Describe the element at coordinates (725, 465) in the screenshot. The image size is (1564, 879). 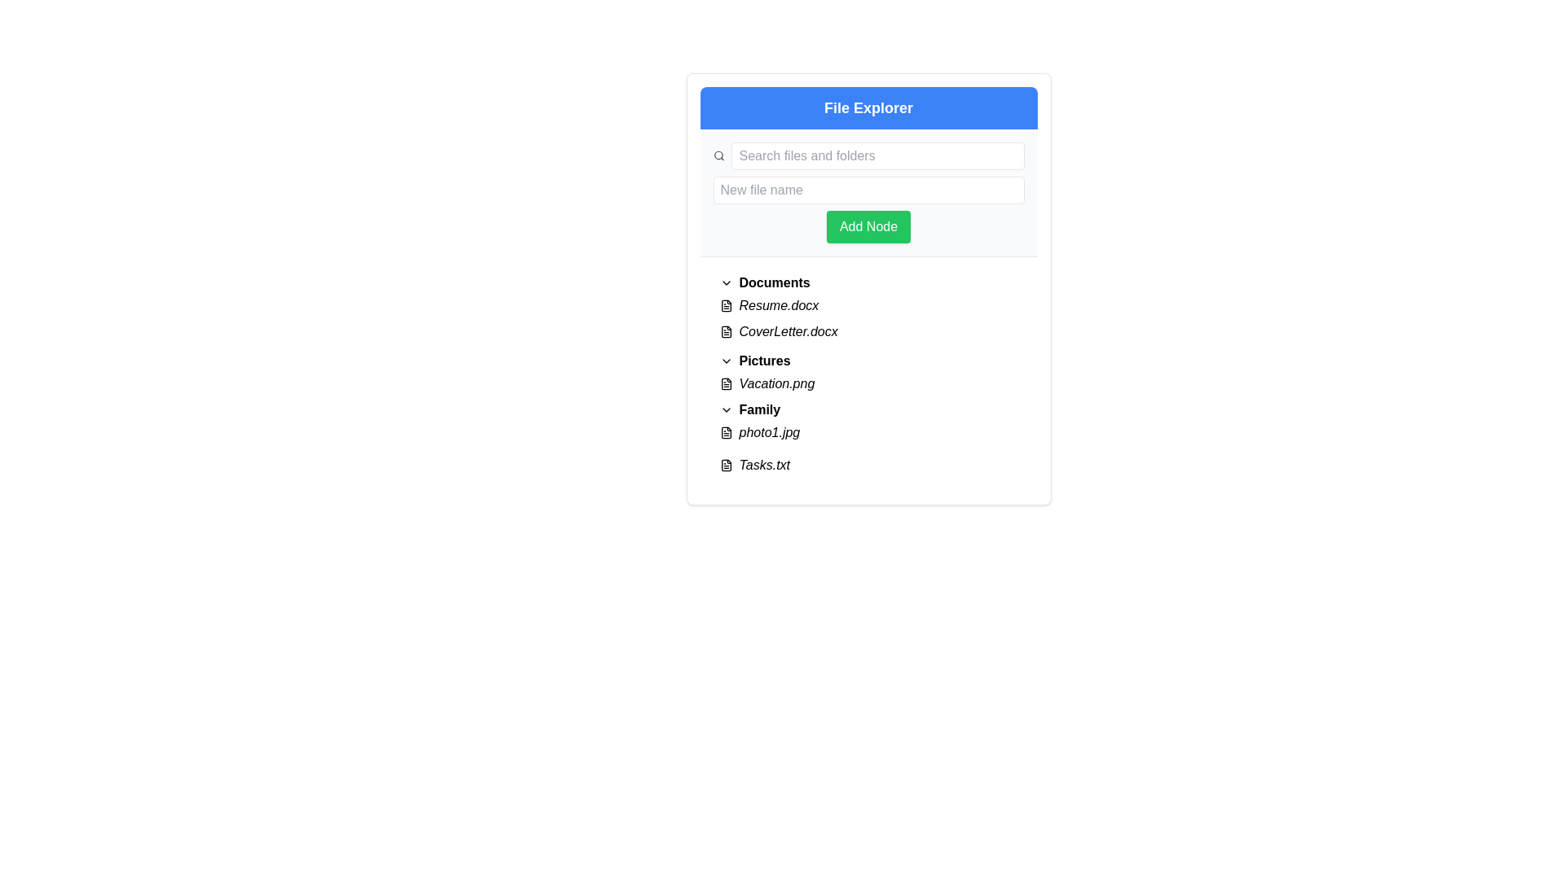
I see `the file icon resembling a document with a folded upper-right corner` at that location.